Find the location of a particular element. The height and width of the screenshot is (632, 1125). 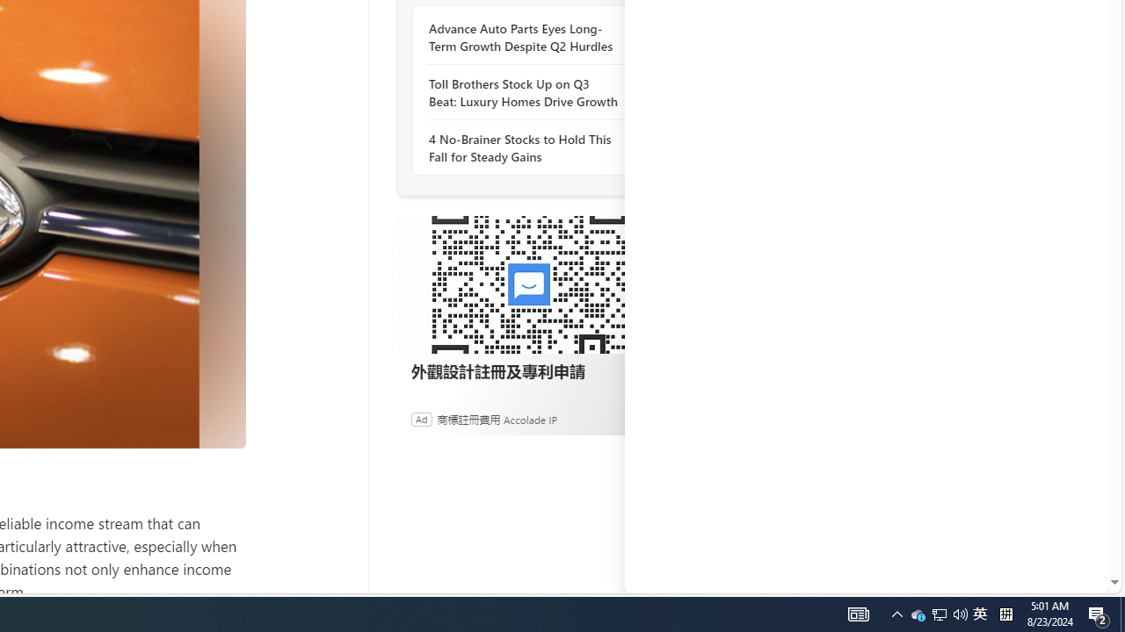

'Advance Auto Parts Eyes Long-Term Growth Despite Q2 Hurdles' is located at coordinates (523, 38).